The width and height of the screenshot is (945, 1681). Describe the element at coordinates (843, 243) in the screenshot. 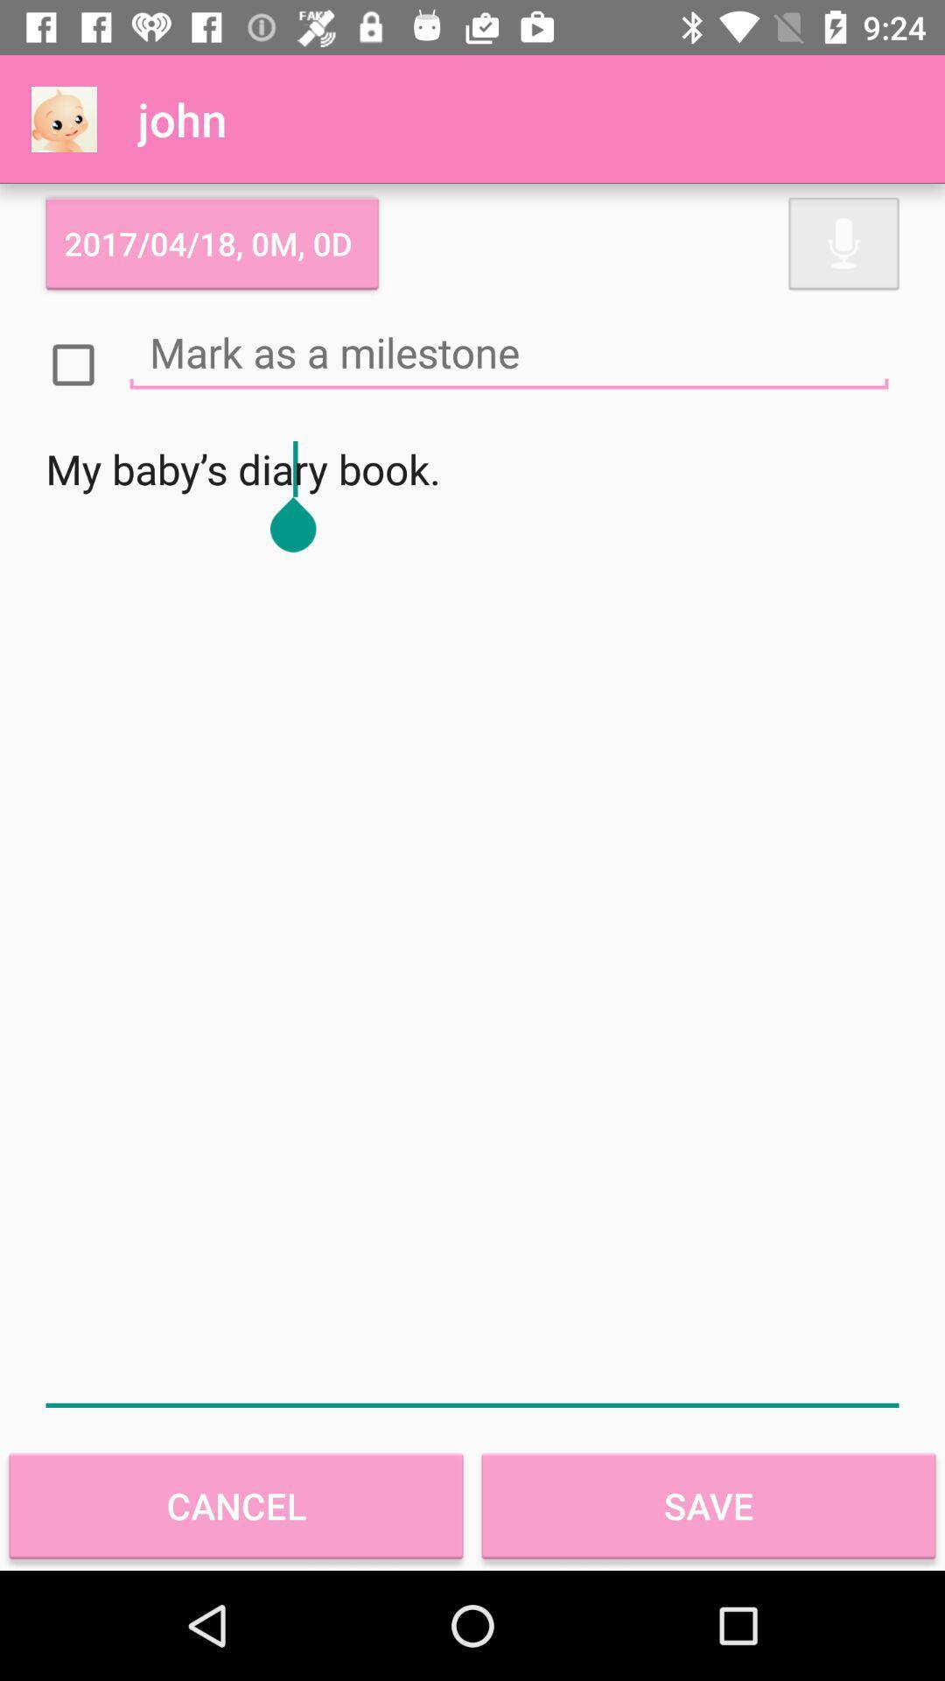

I see `item to the right of 2017 04 18 icon` at that location.